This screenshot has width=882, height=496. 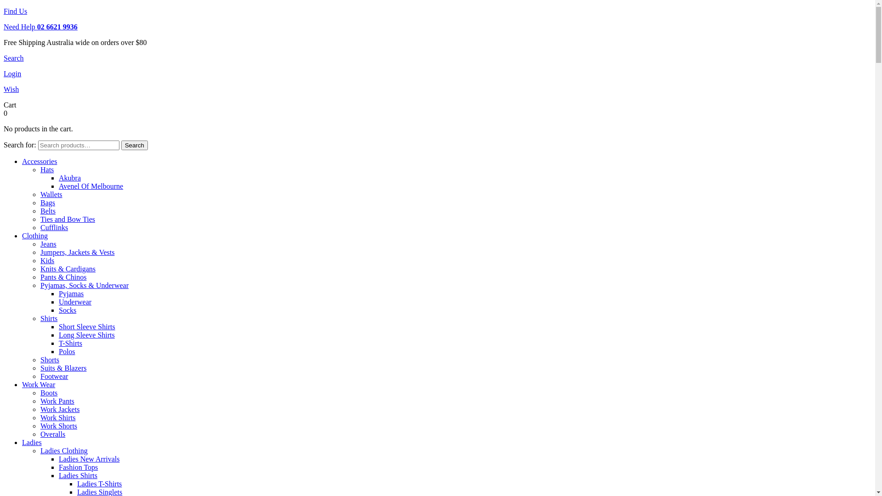 I want to click on 'Ladies Shirts', so click(x=78, y=475).